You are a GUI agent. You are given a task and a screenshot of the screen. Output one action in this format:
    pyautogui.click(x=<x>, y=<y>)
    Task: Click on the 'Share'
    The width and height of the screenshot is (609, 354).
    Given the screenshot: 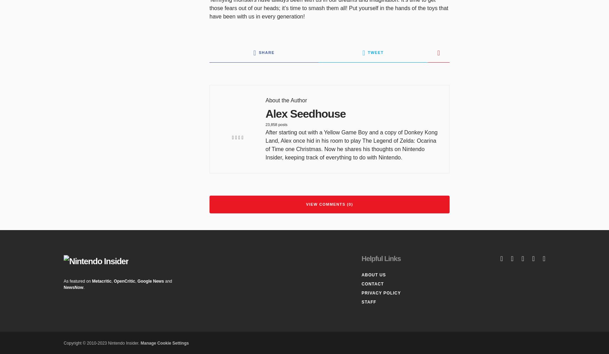 What is the action you would take?
    pyautogui.click(x=266, y=52)
    